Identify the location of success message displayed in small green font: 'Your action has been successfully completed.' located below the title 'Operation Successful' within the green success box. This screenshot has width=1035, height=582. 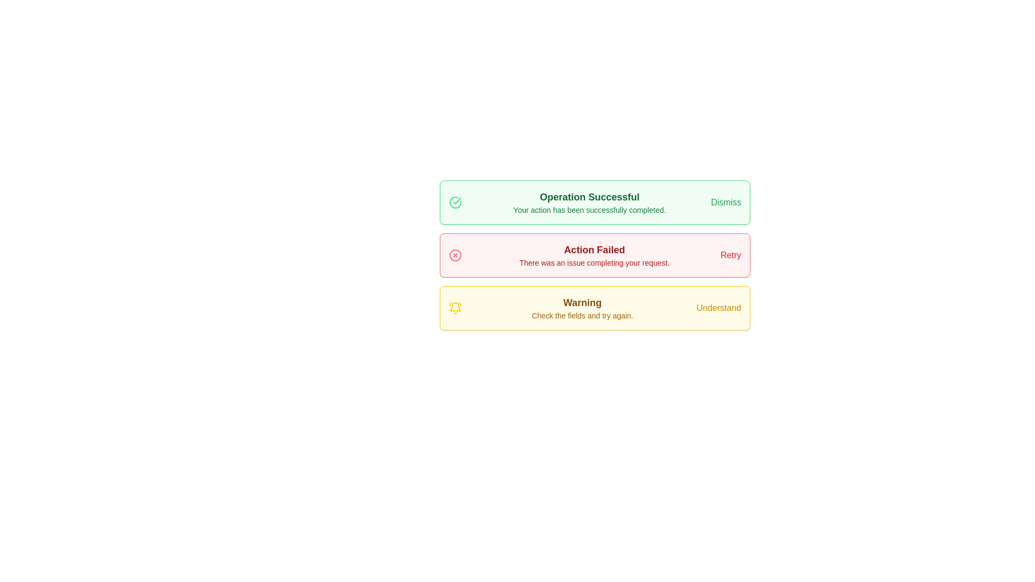
(589, 210).